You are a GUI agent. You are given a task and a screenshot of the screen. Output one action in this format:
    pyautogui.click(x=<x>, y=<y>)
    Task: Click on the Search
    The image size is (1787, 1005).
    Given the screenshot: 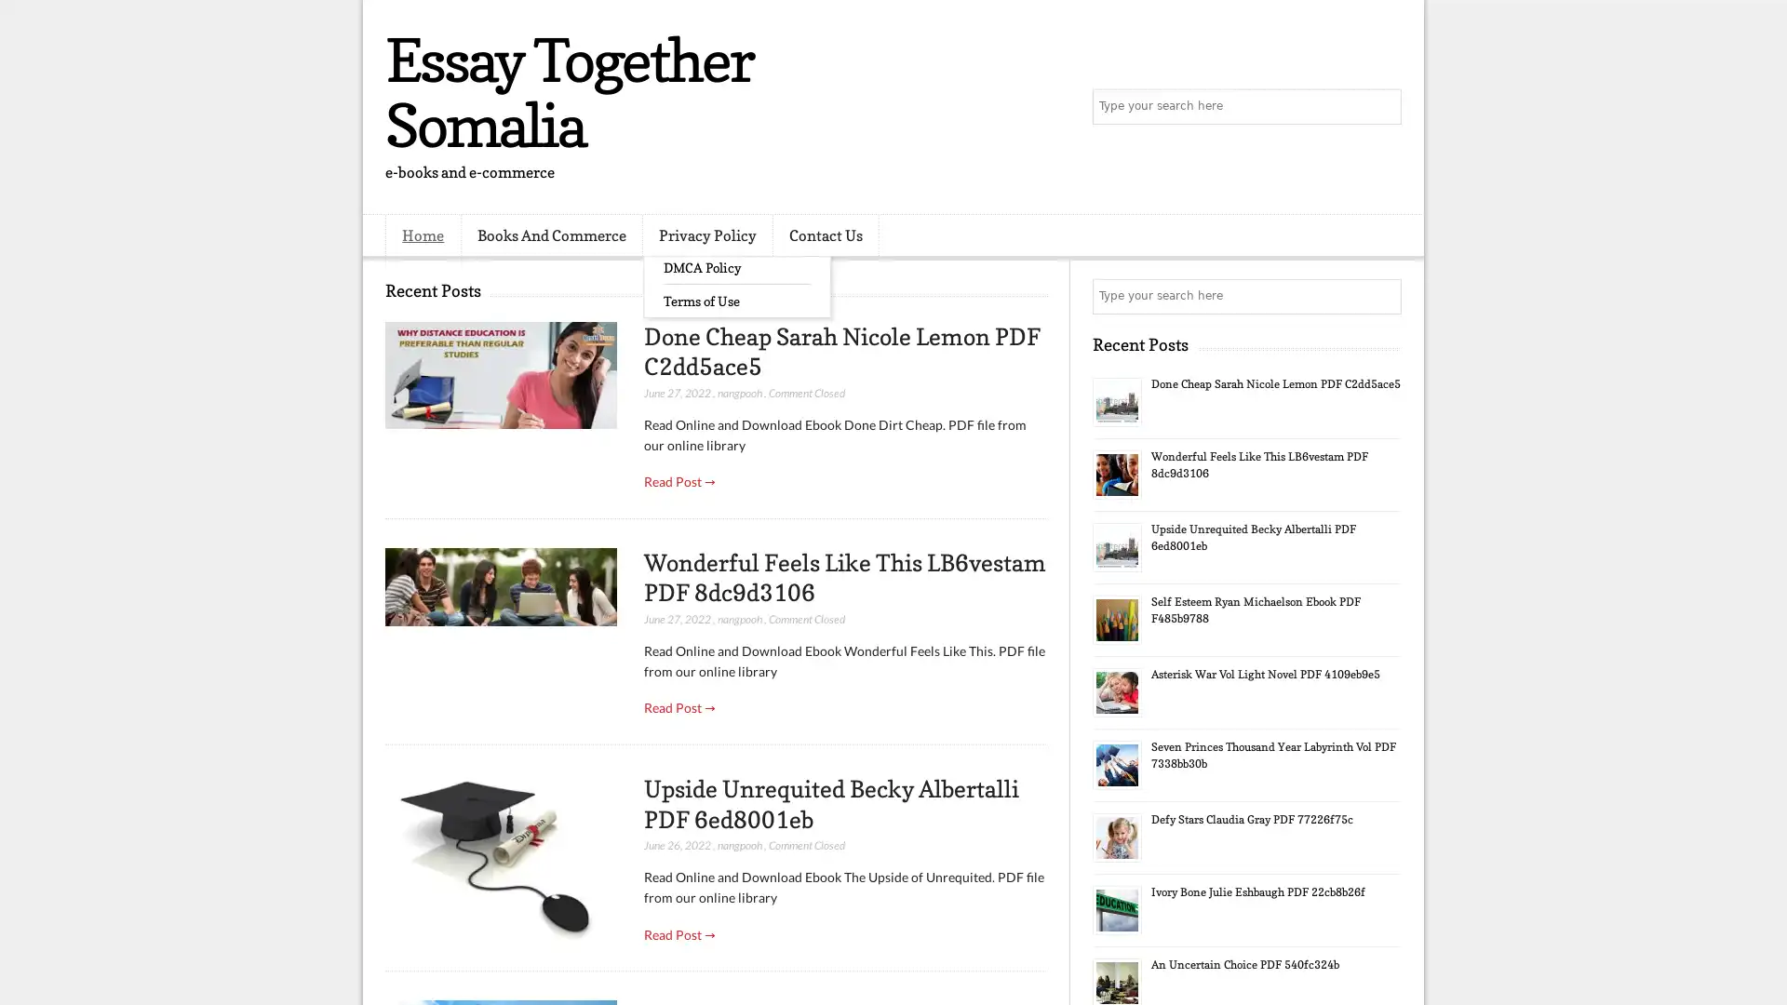 What is the action you would take?
    pyautogui.click(x=1382, y=107)
    